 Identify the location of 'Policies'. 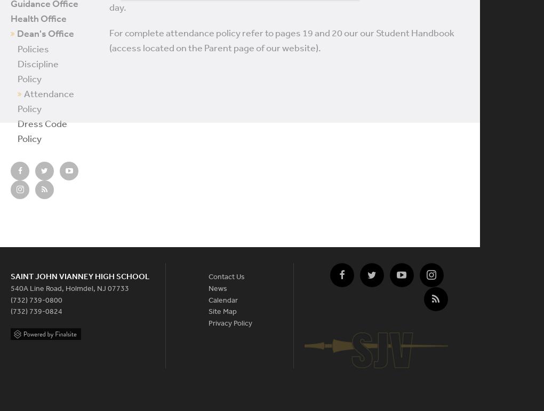
(33, 48).